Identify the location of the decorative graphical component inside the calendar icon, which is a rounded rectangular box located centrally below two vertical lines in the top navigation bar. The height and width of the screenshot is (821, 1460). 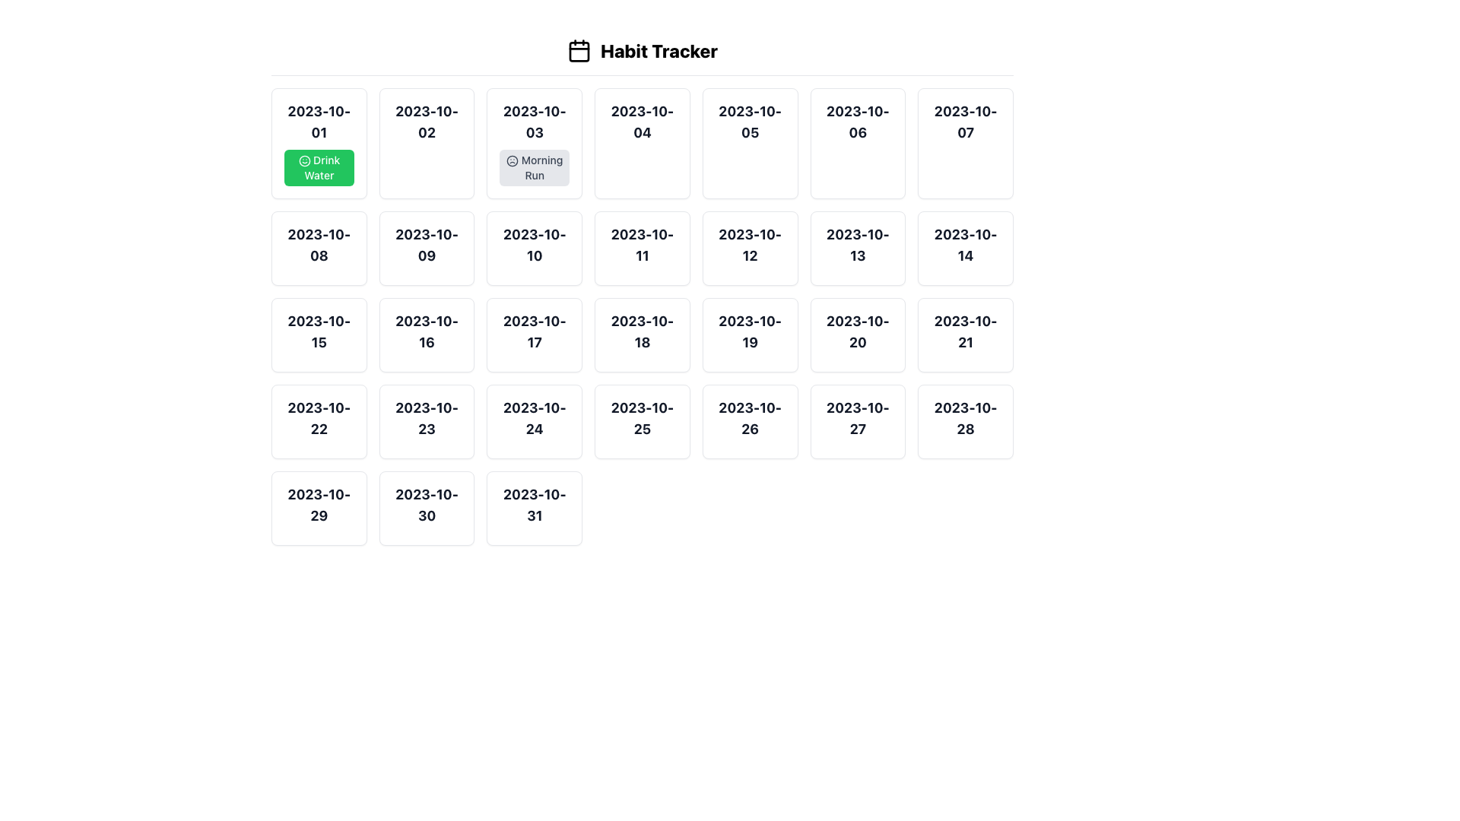
(579, 51).